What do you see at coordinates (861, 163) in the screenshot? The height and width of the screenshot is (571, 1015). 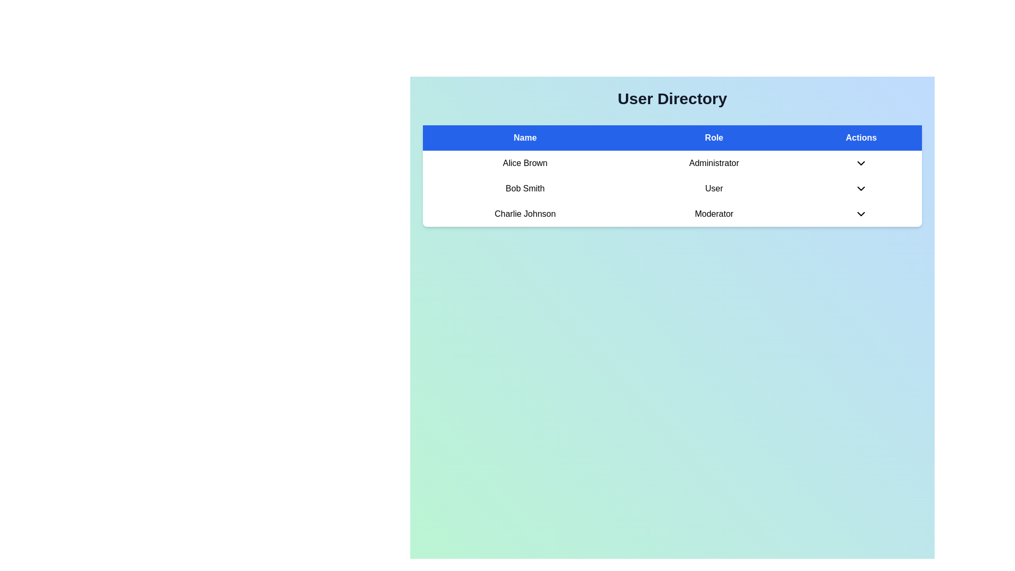 I see `the downward-pointing chevron icon located under the 'Actions' column of the 'Administrator' row in the user directory table` at bounding box center [861, 163].